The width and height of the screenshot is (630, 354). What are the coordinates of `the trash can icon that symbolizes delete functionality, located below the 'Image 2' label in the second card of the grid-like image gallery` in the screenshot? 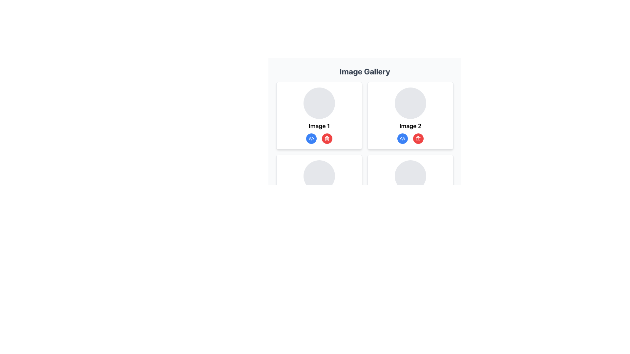 It's located at (418, 139).